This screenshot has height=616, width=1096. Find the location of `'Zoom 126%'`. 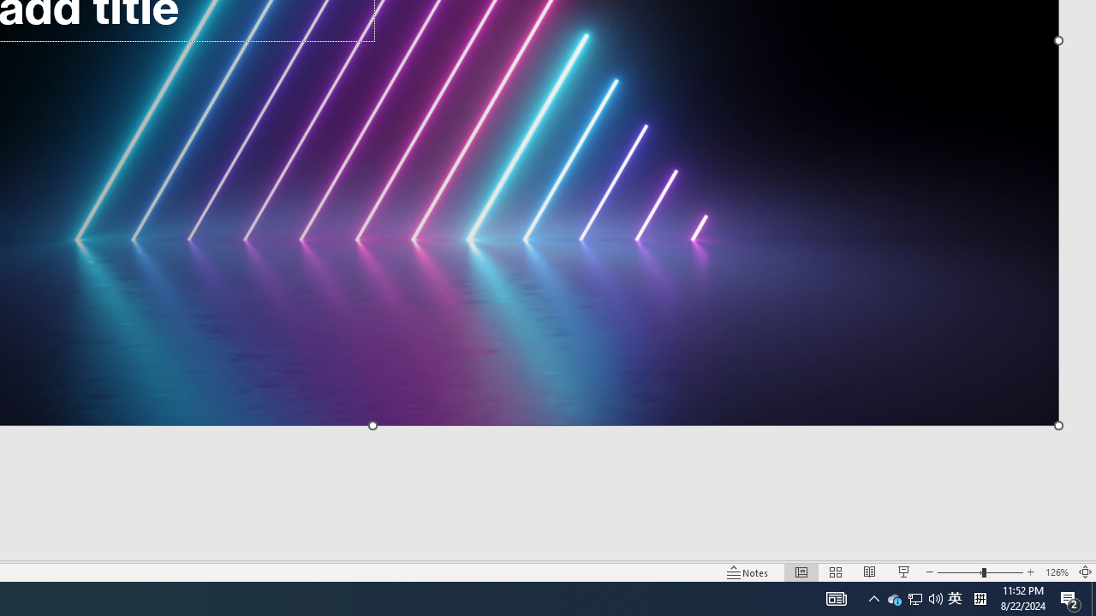

'Zoom 126%' is located at coordinates (1056, 572).